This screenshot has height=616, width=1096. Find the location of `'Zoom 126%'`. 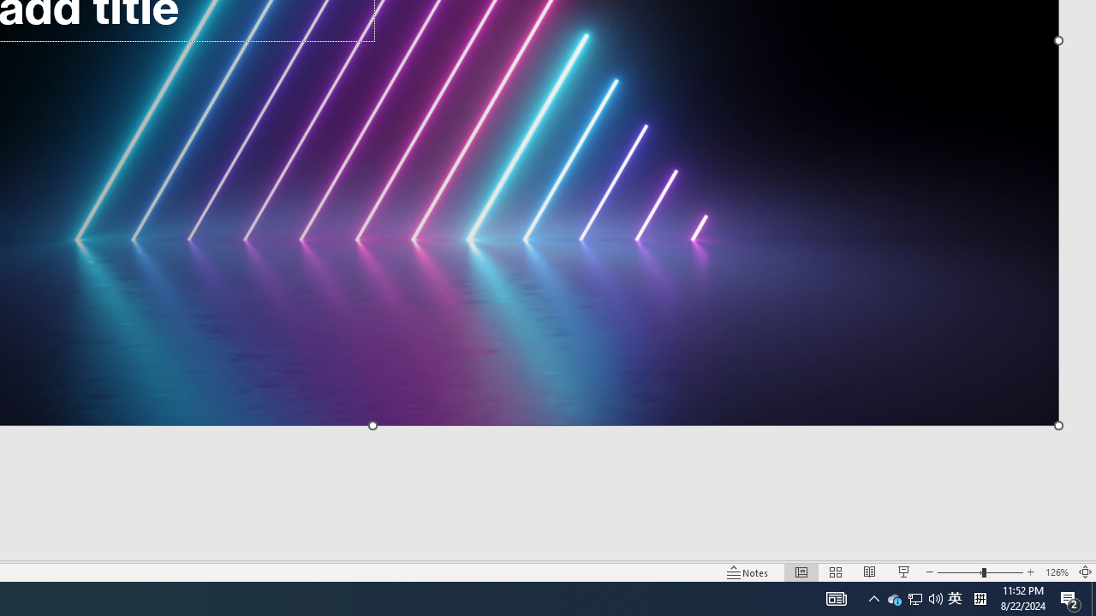

'Zoom 126%' is located at coordinates (1056, 572).